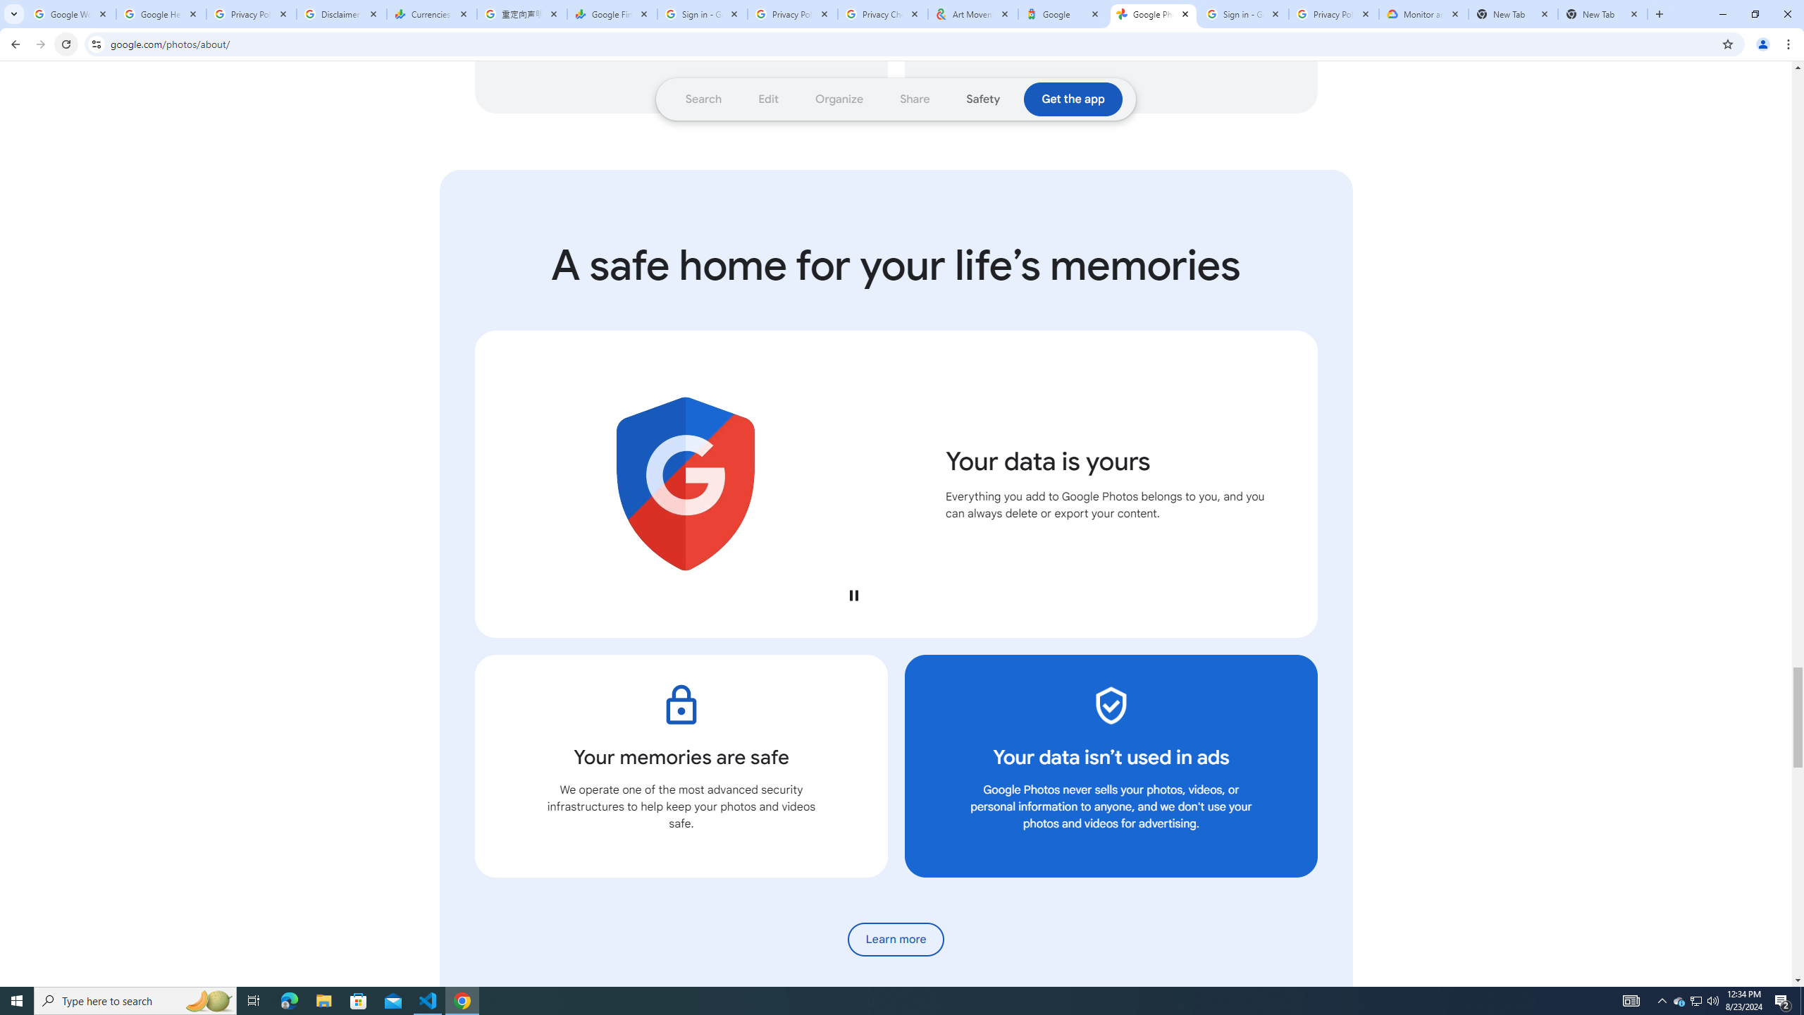  I want to click on 'Go to section: Search', so click(703, 99).